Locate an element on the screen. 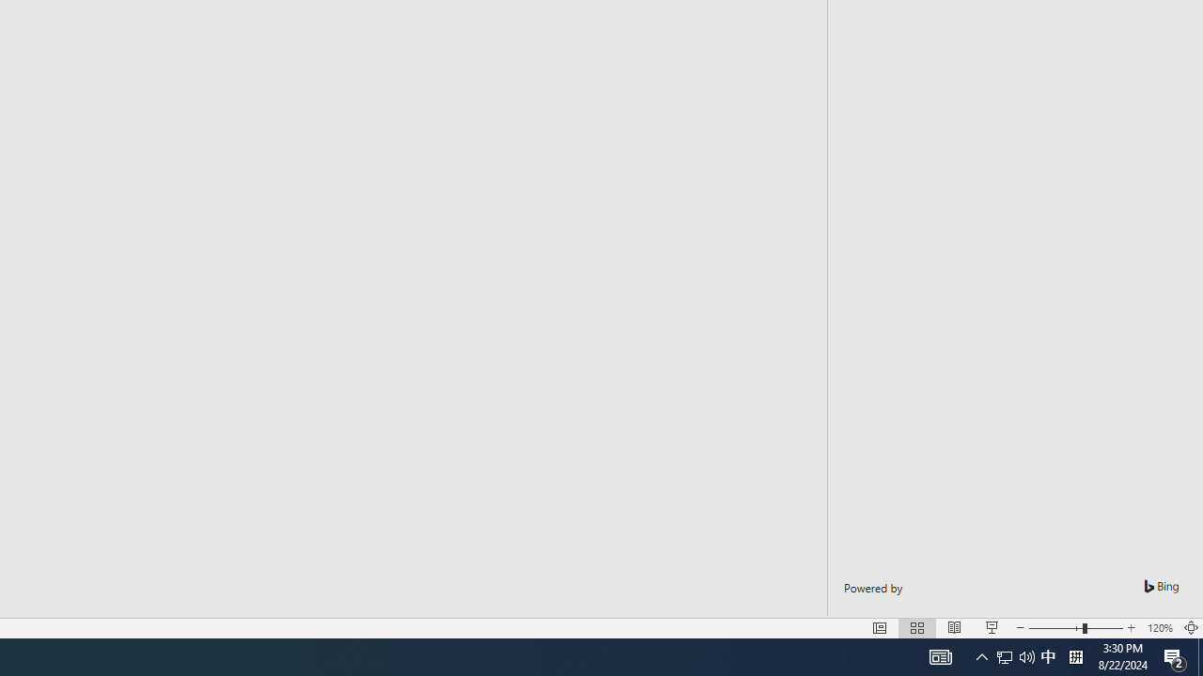 The height and width of the screenshot is (676, 1203). 'Zoom 120%' is located at coordinates (1159, 628).